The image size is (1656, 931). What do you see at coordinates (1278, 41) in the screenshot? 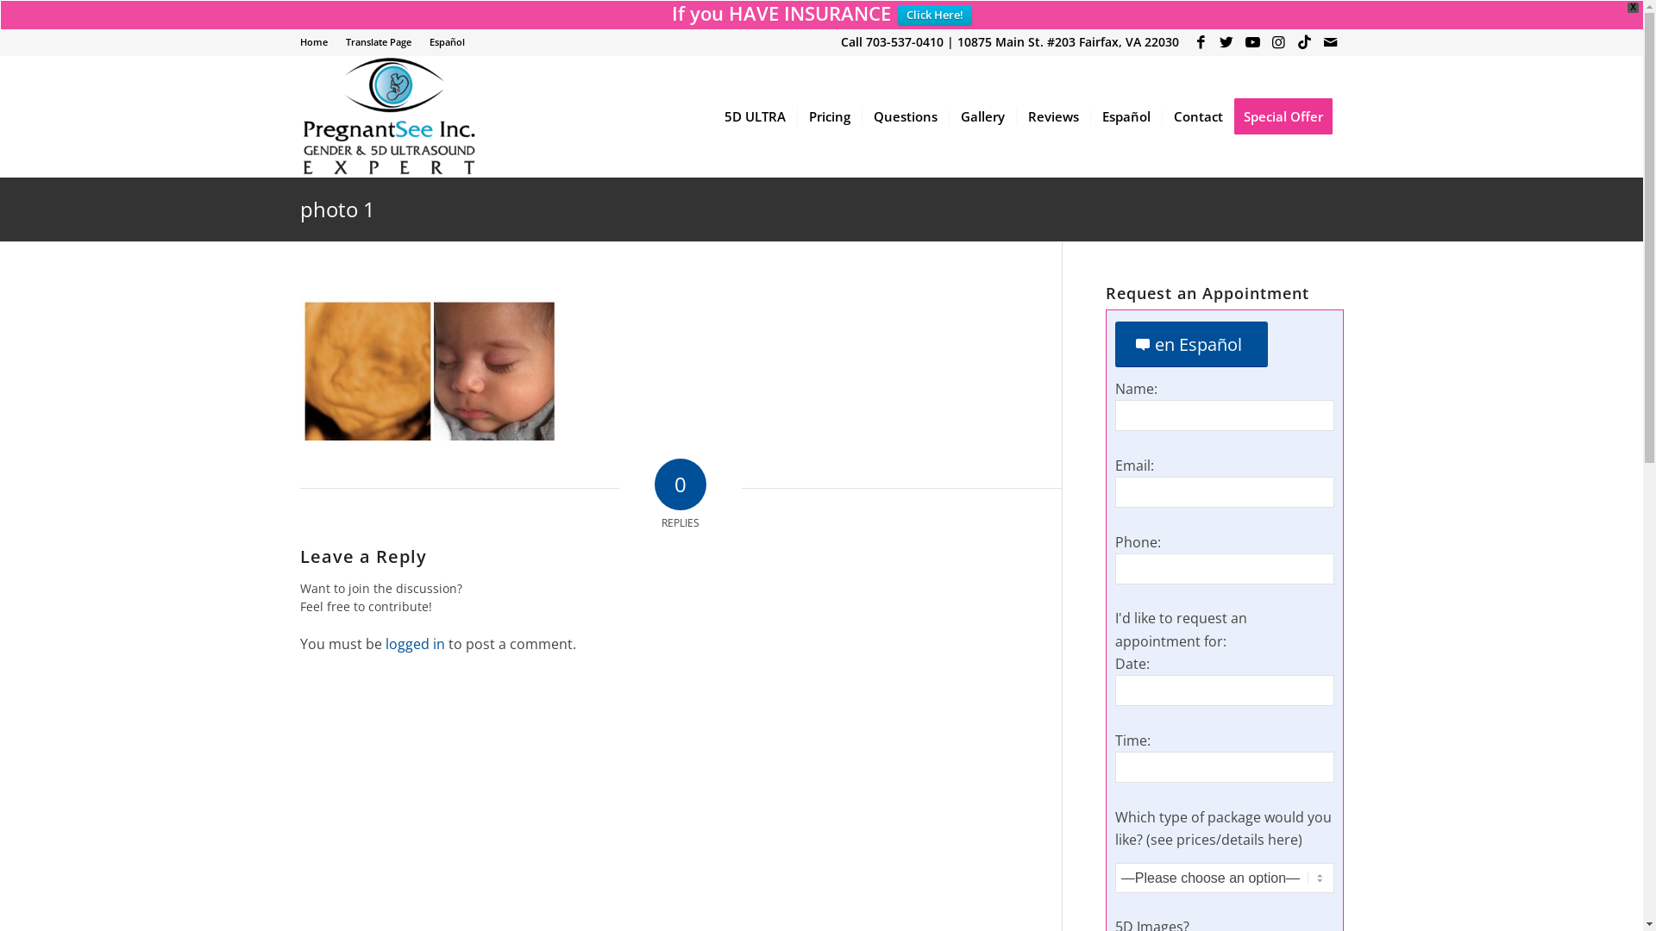
I see `'Instagram'` at bounding box center [1278, 41].